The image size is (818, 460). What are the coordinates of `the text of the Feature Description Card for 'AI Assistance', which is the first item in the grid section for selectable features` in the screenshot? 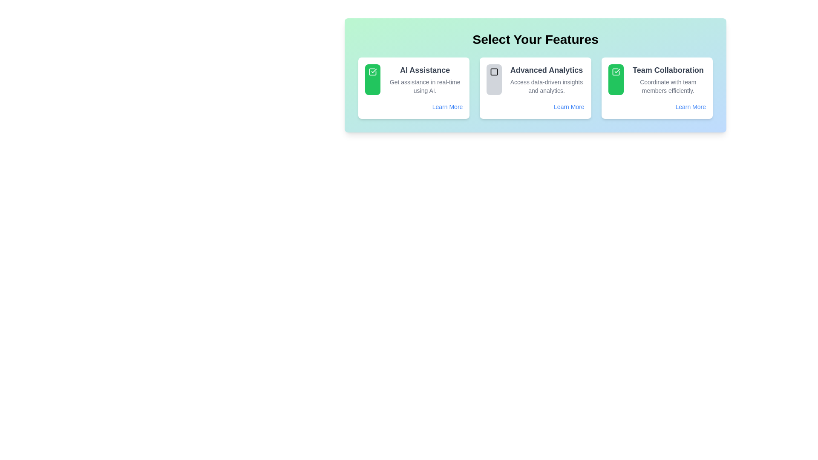 It's located at (414, 79).